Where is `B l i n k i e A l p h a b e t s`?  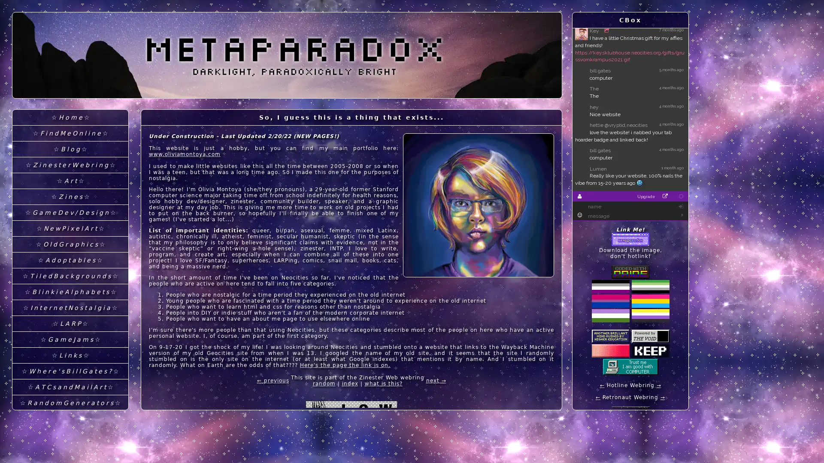 B l i n k i e A l p h a b e t s is located at coordinates (70, 292).